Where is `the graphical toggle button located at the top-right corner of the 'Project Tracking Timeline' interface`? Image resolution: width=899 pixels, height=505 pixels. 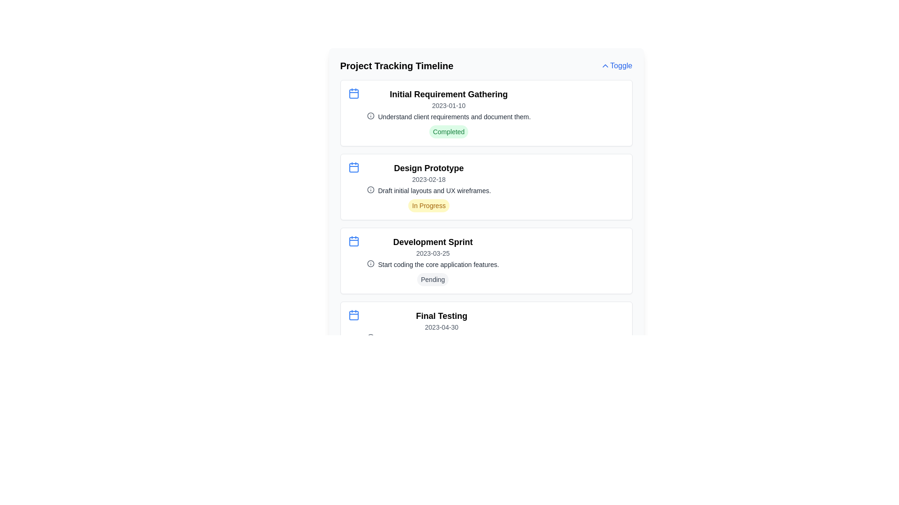 the graphical toggle button located at the top-right corner of the 'Project Tracking Timeline' interface is located at coordinates (605, 65).